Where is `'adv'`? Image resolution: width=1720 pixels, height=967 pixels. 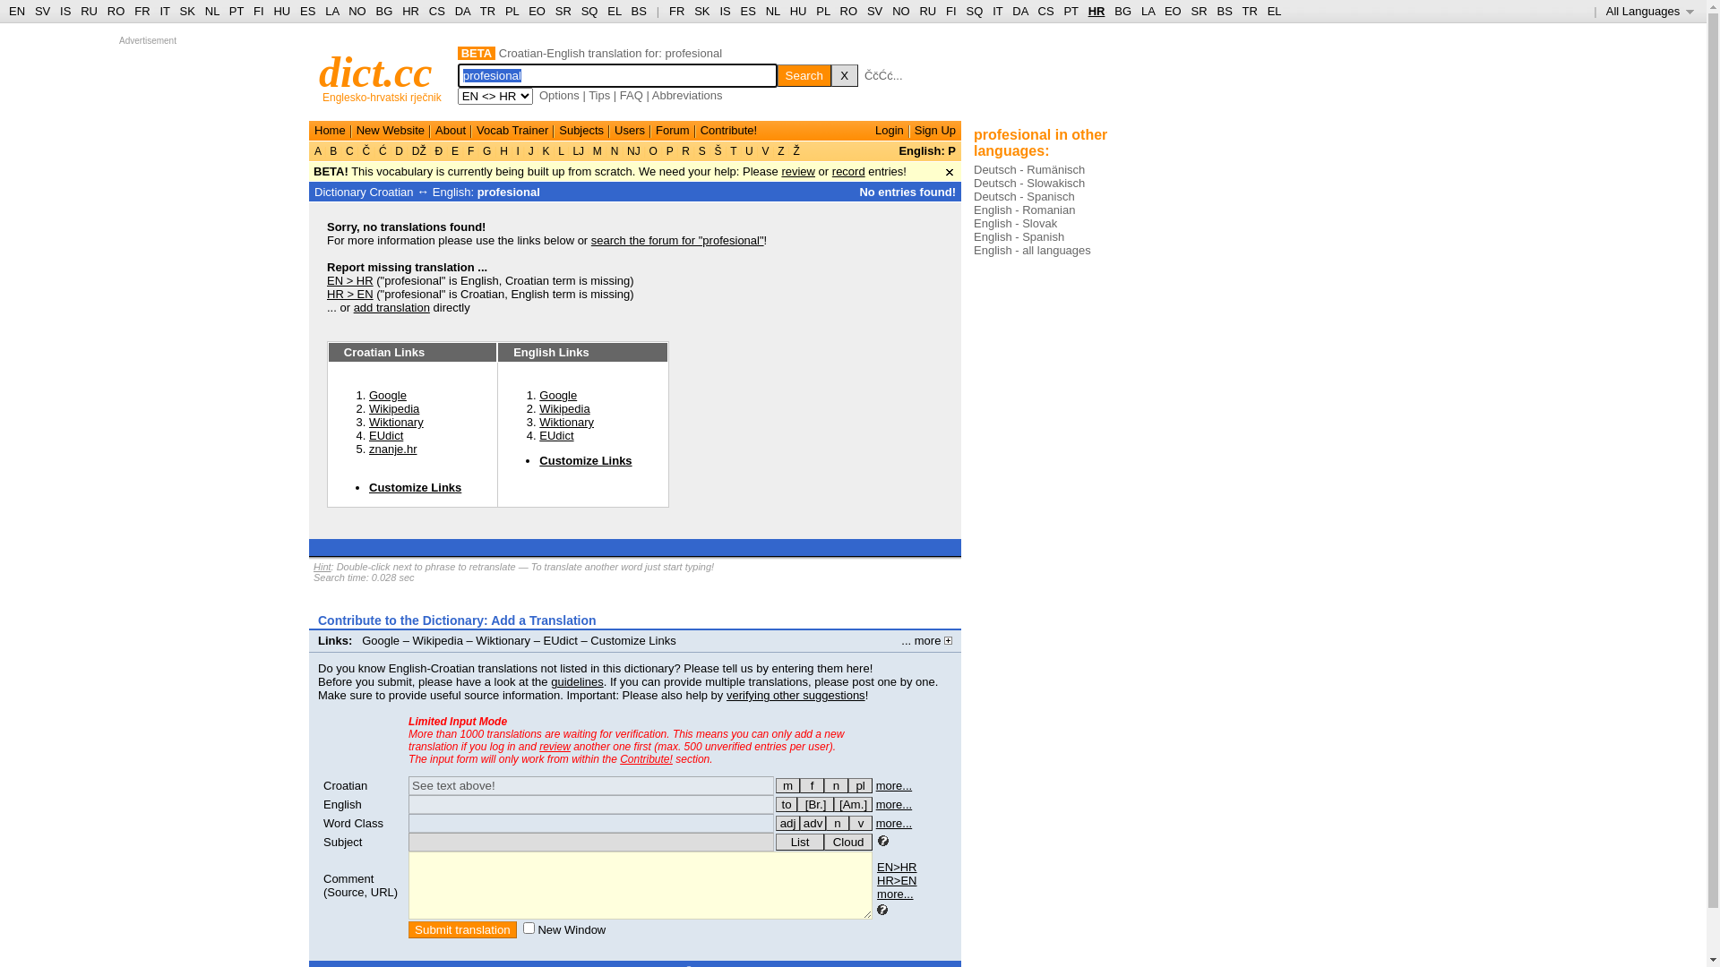 'adv' is located at coordinates (798, 823).